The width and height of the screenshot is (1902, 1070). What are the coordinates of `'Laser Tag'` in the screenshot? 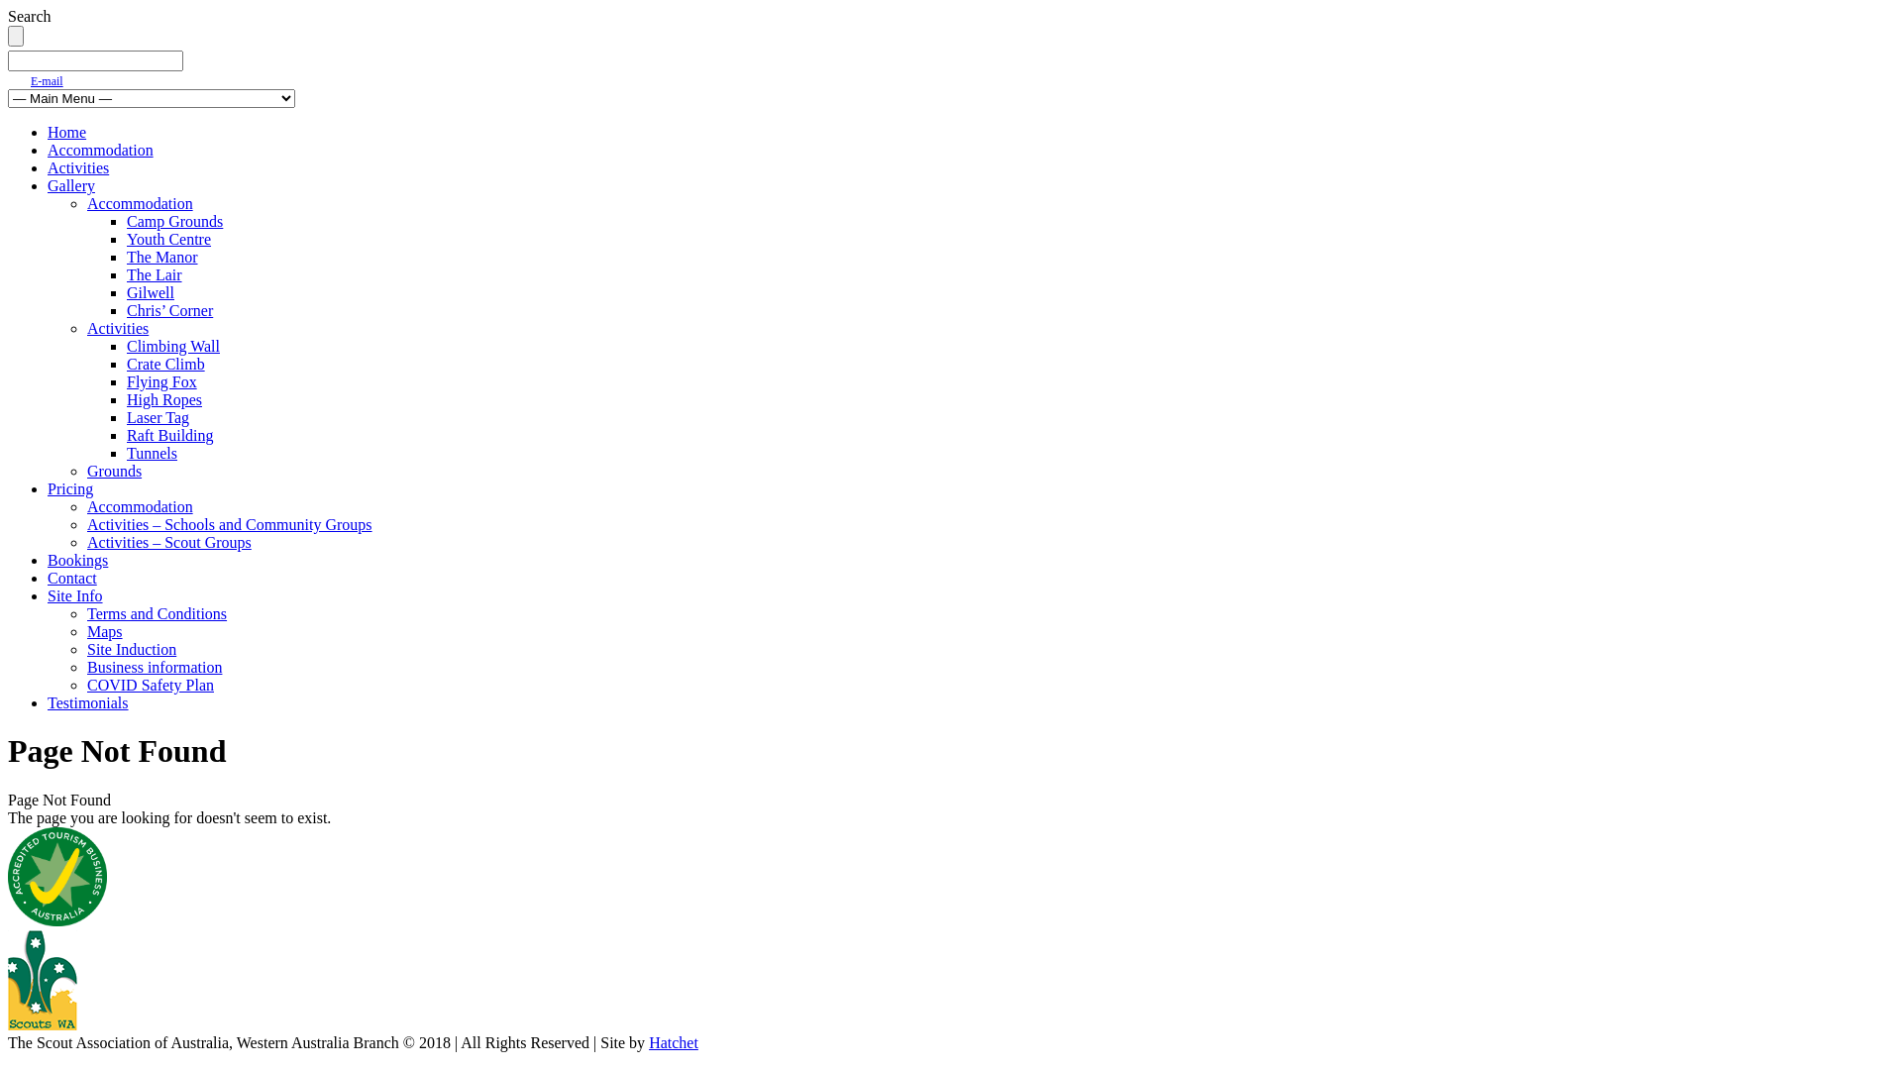 It's located at (157, 416).